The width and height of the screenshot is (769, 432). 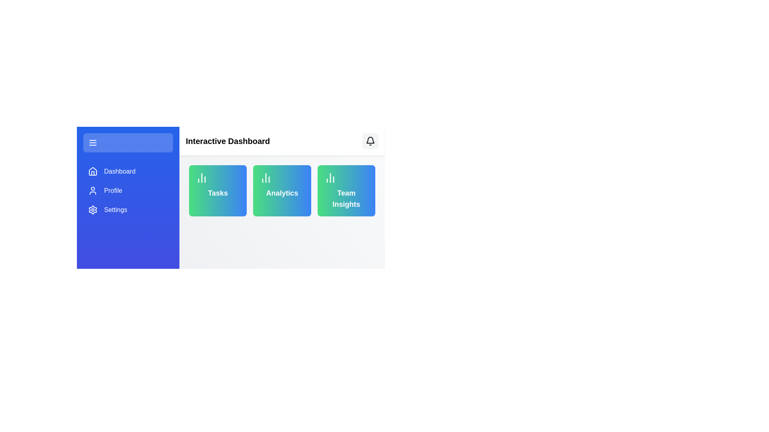 I want to click on the 'Team Insights' card, so click(x=346, y=191).